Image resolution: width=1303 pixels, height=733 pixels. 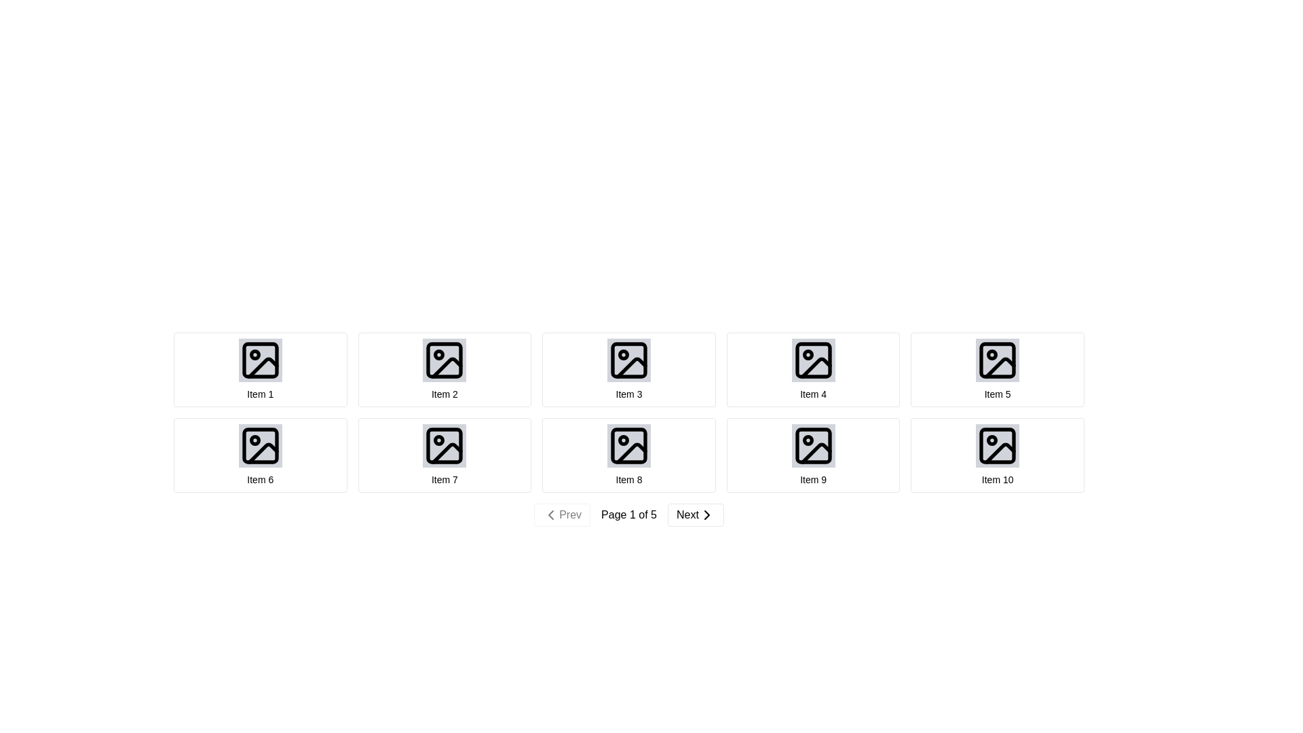 What do you see at coordinates (628, 445) in the screenshot?
I see `the small rectangular graphic within the icon for 'Item 8'` at bounding box center [628, 445].